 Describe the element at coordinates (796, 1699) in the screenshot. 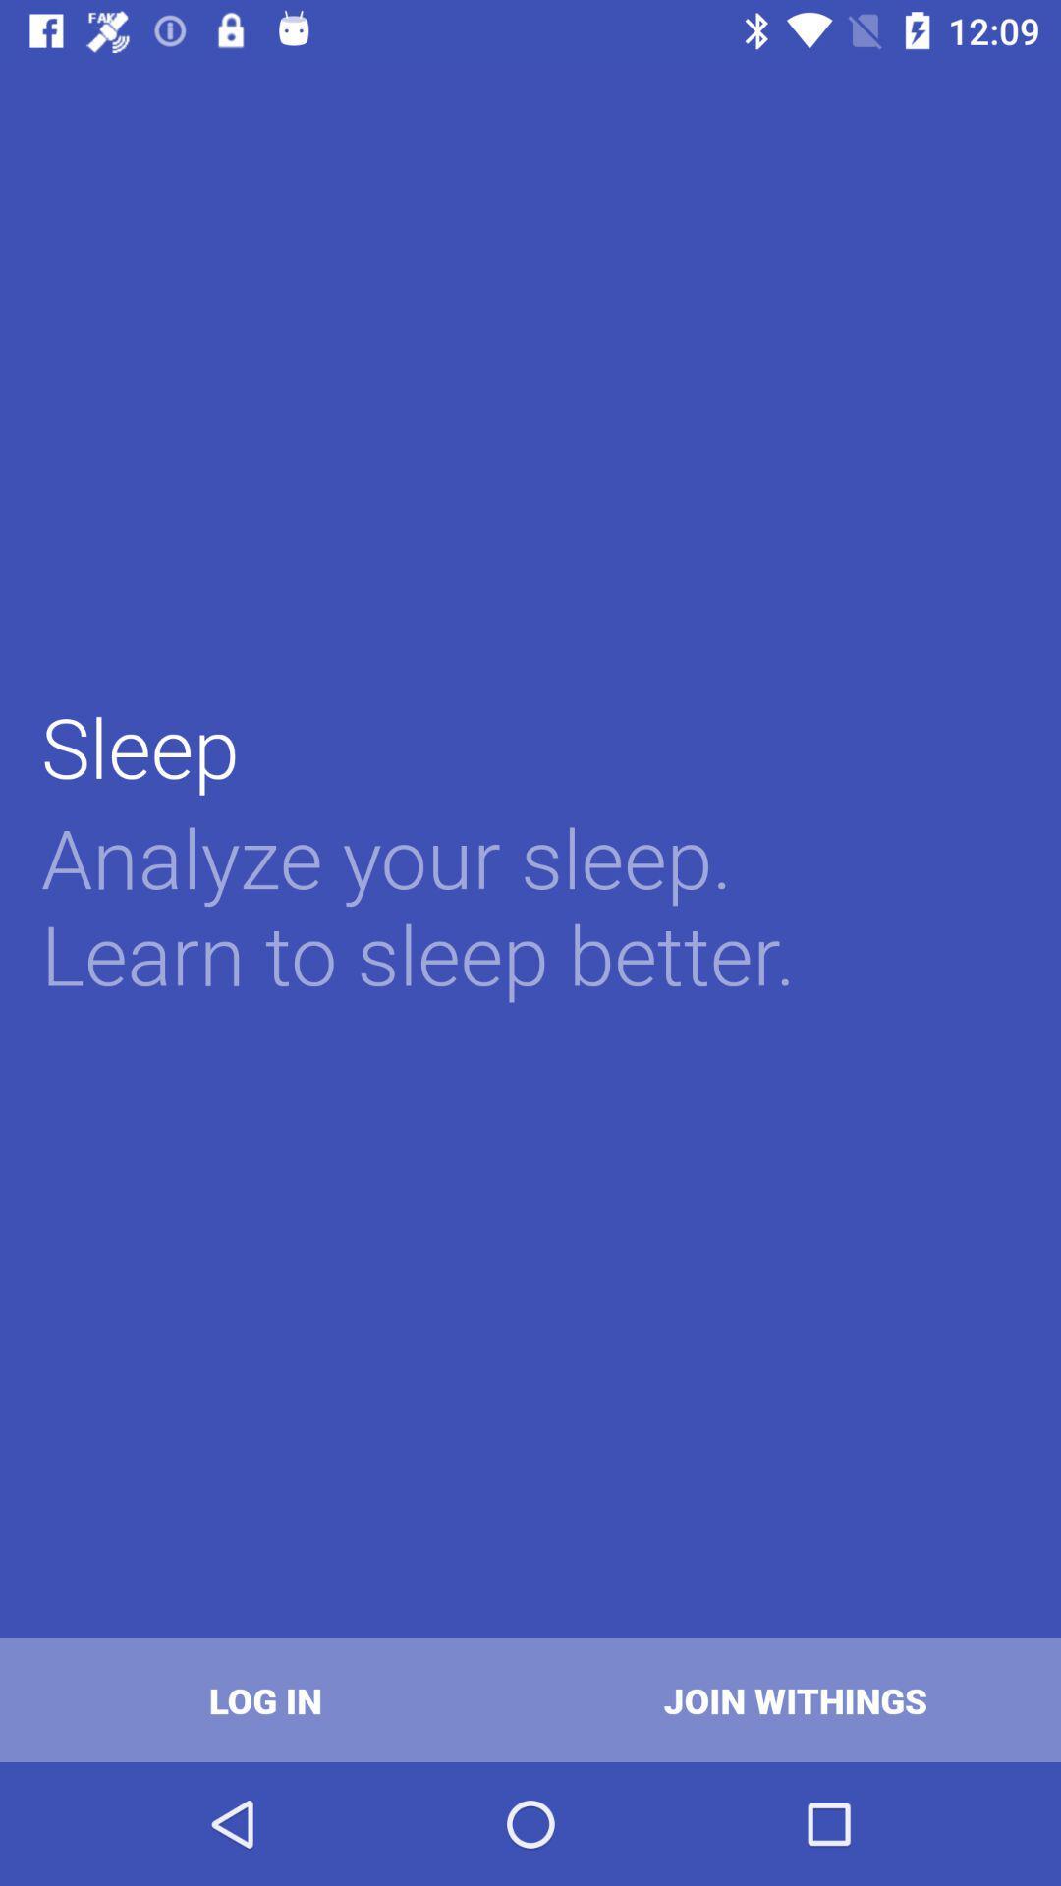

I see `the item below analyze your sleep` at that location.